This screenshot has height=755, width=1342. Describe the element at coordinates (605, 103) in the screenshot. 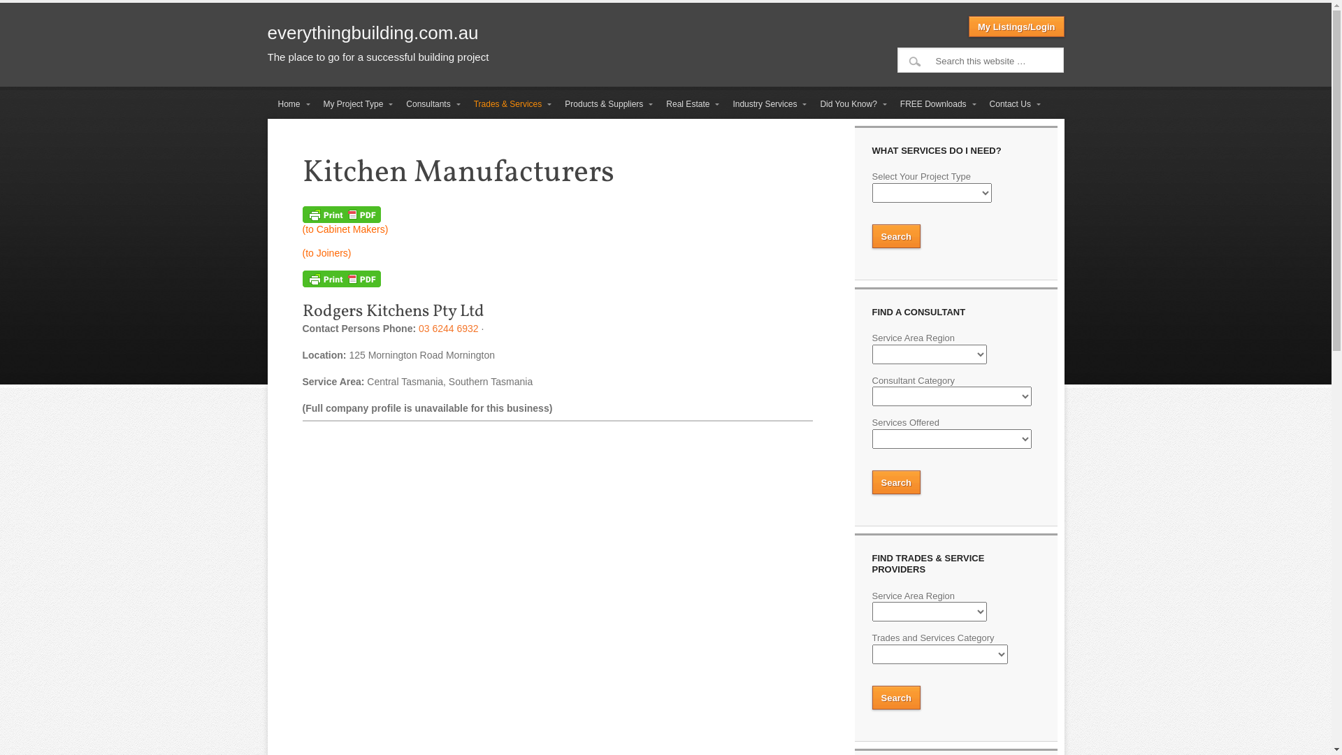

I see `'Products & Suppliers'` at that location.